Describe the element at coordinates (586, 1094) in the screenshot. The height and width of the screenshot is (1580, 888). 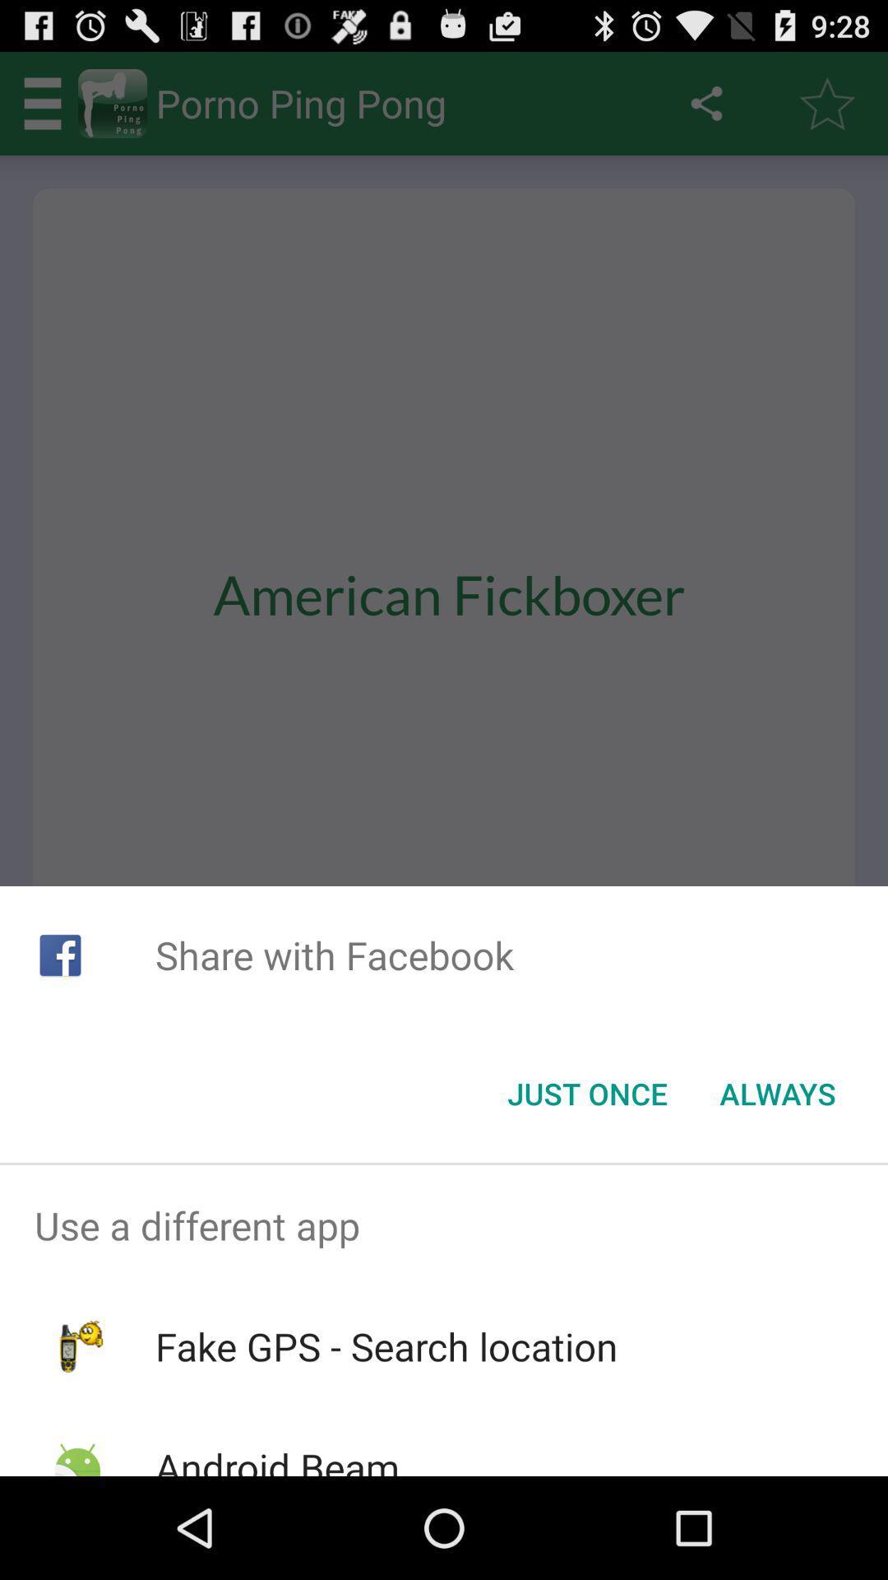
I see `item below the share with facebook icon` at that location.